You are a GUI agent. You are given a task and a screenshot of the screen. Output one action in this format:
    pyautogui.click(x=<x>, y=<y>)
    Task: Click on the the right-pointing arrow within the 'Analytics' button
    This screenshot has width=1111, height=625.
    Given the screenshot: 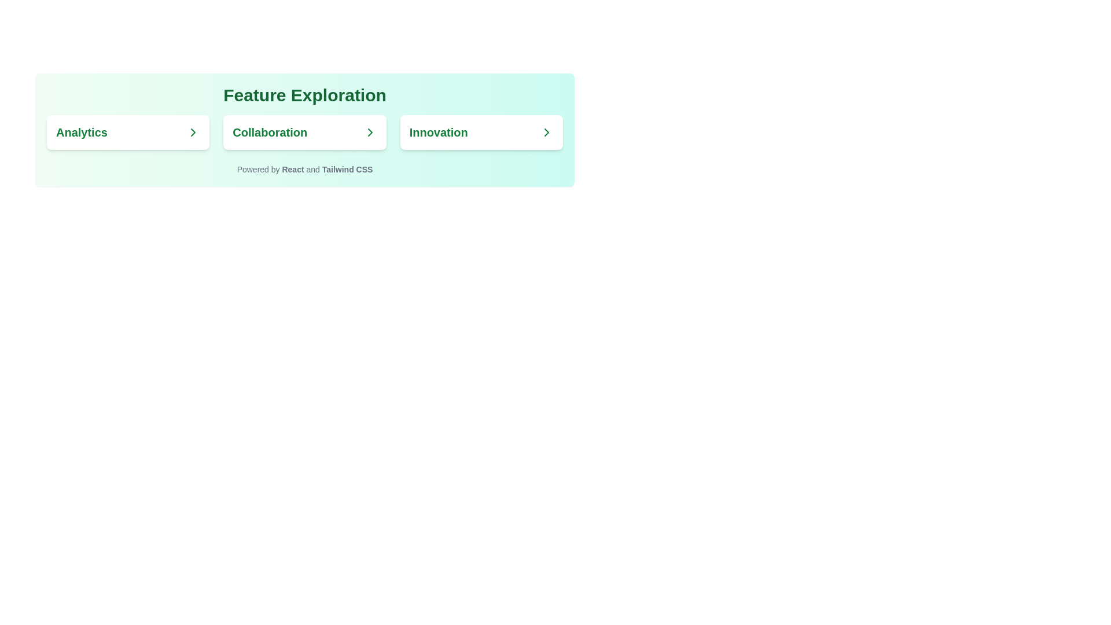 What is the action you would take?
    pyautogui.click(x=193, y=131)
    